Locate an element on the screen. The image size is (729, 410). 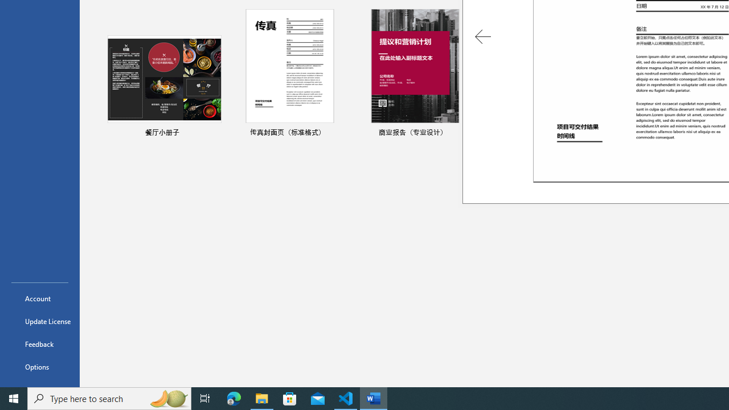
'Options' is located at coordinates (39, 367).